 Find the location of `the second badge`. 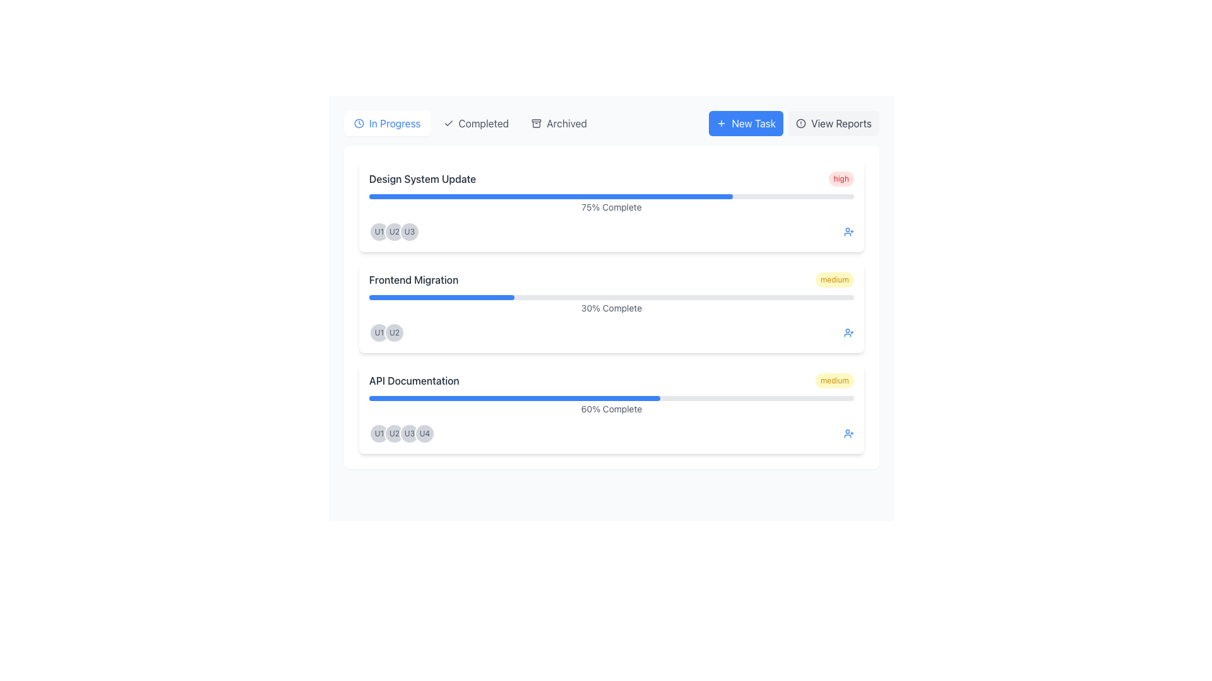

the second badge is located at coordinates (393, 332).